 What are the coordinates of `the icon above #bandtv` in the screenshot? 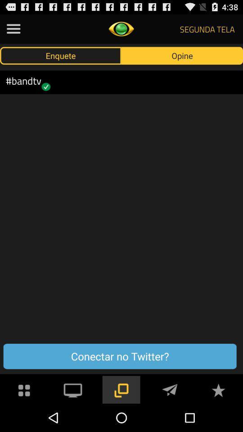 It's located at (61, 55).